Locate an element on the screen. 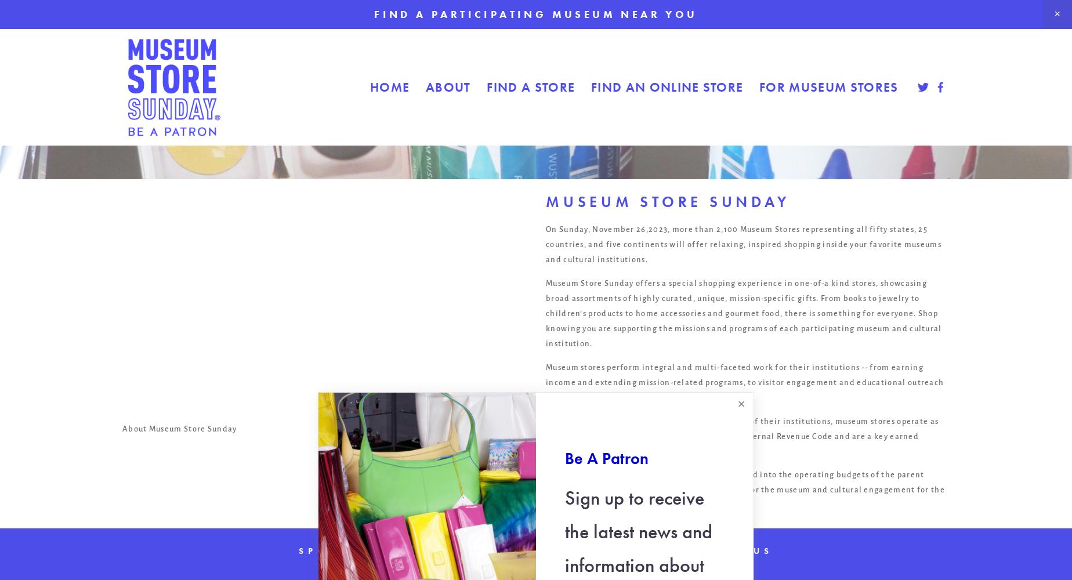 This screenshot has height=580, width=1072. 'Donate' is located at coordinates (609, 550).